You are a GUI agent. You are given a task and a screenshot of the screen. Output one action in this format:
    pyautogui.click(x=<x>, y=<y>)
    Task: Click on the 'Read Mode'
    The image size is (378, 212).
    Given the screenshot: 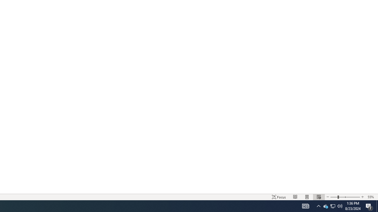 What is the action you would take?
    pyautogui.click(x=295, y=197)
    